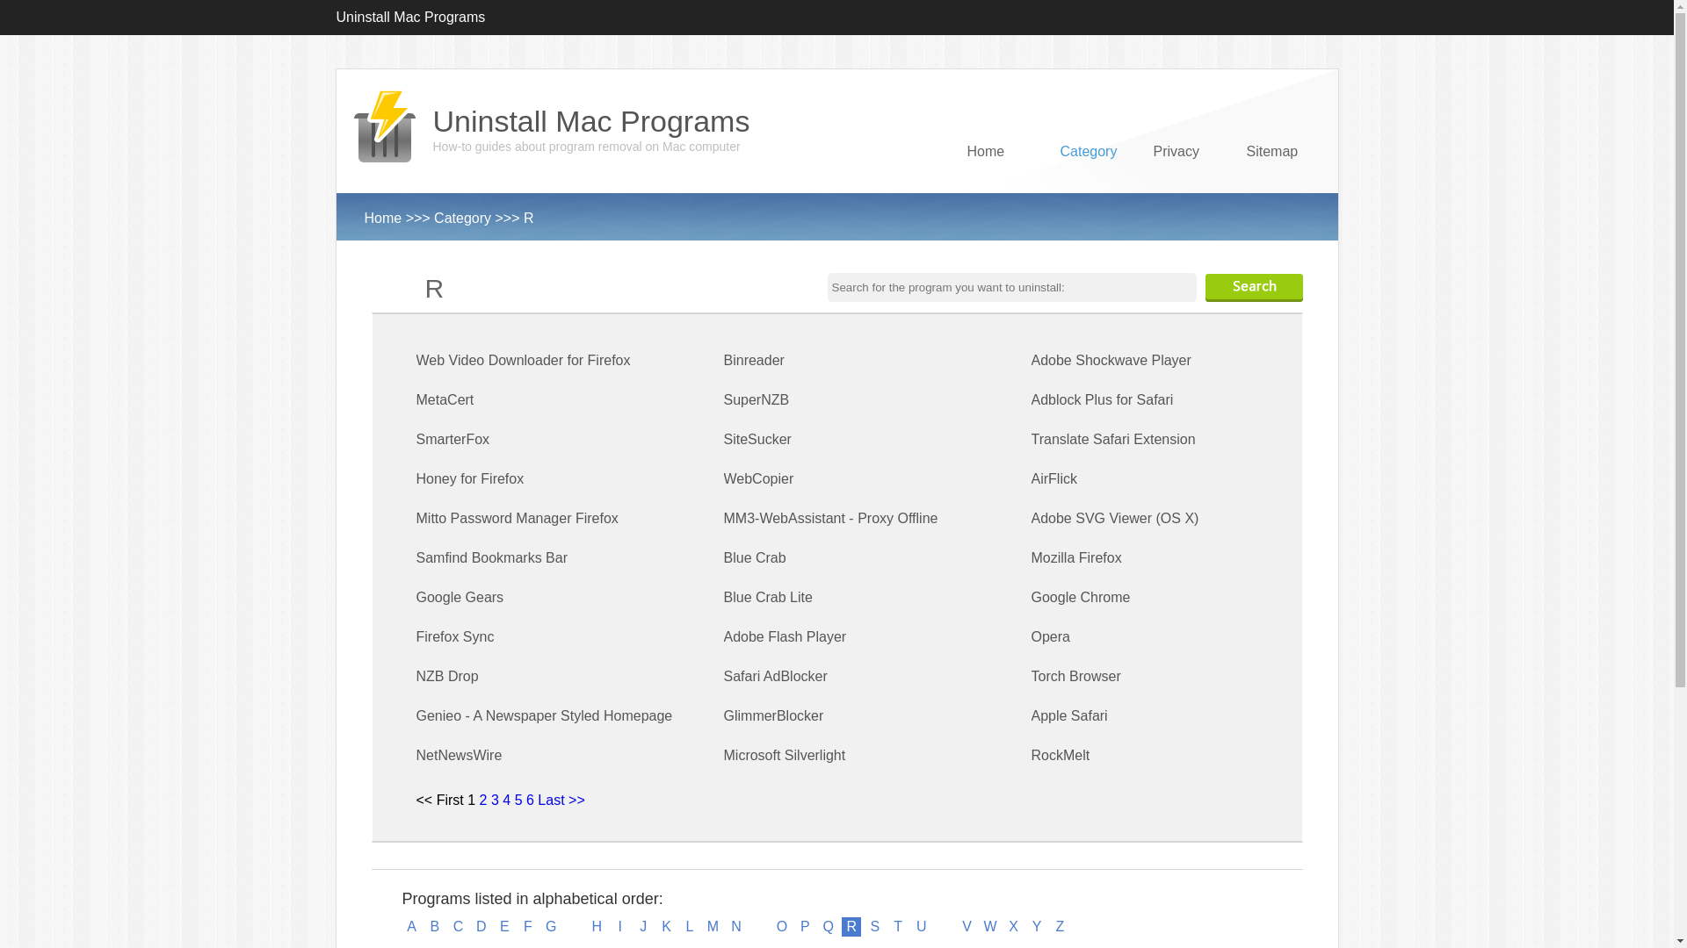 The image size is (1687, 948). Describe the element at coordinates (1032, 438) in the screenshot. I see `'Translate Safari Extension'` at that location.